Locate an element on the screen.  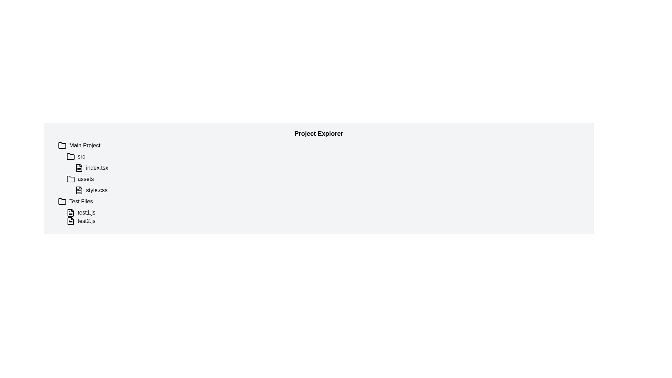
the 'style.css' text label with its associated icon in the file explorer is located at coordinates (96, 190).